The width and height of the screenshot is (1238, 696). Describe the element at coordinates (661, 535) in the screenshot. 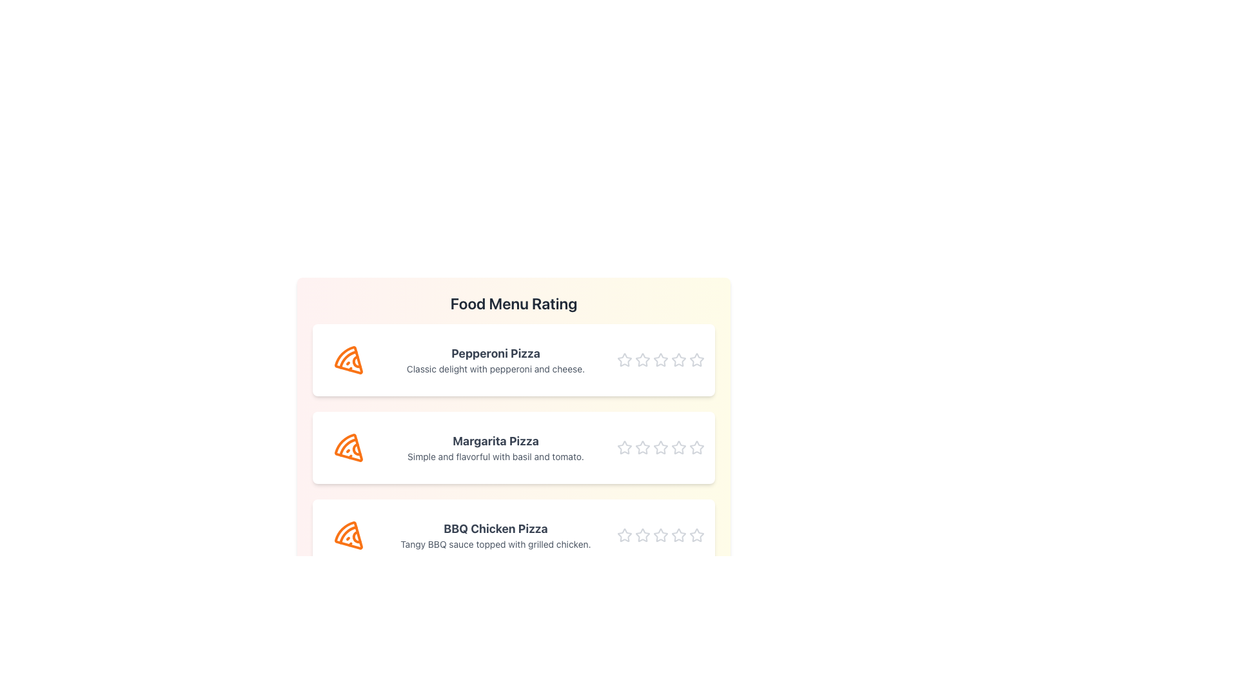

I see `the third star in the 5-star rating system for the 'BBQ Chicken Pizza' to assign a rating` at that location.